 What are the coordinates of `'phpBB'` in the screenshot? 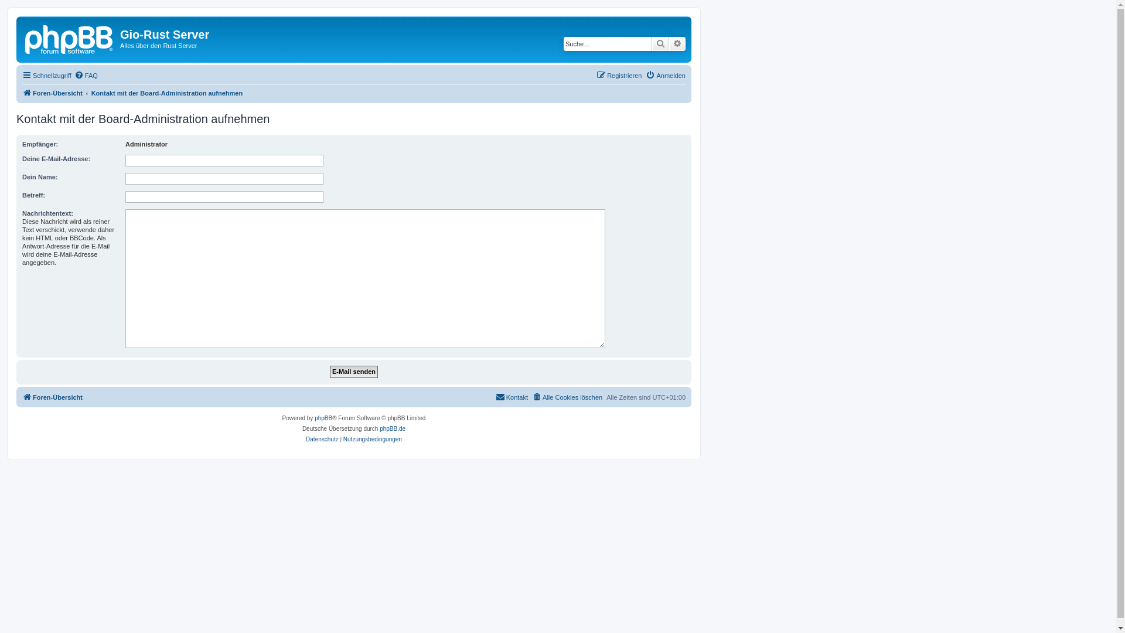 It's located at (315, 417).